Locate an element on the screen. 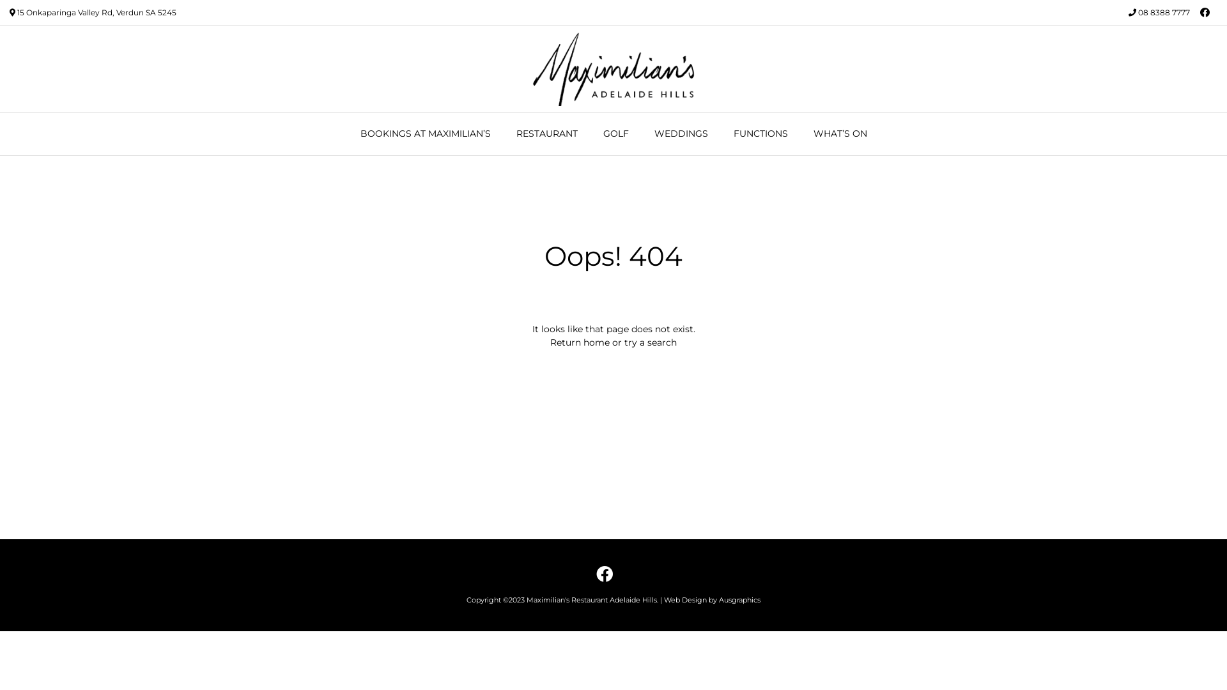  'RESTAURANT' is located at coordinates (502, 134).